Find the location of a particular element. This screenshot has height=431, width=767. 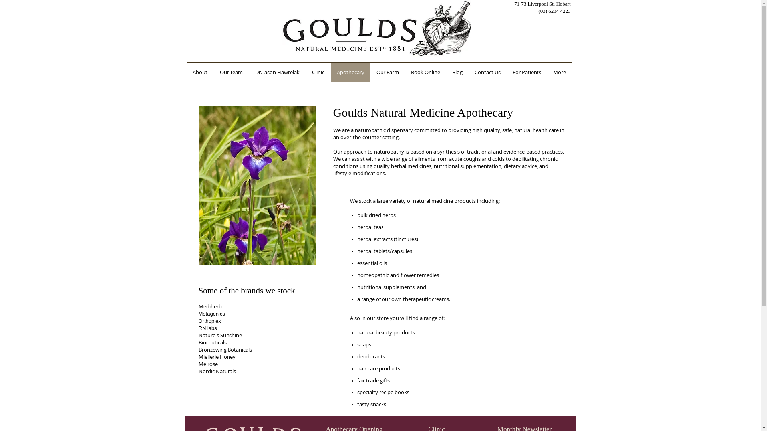

'Apothecary' is located at coordinates (350, 72).